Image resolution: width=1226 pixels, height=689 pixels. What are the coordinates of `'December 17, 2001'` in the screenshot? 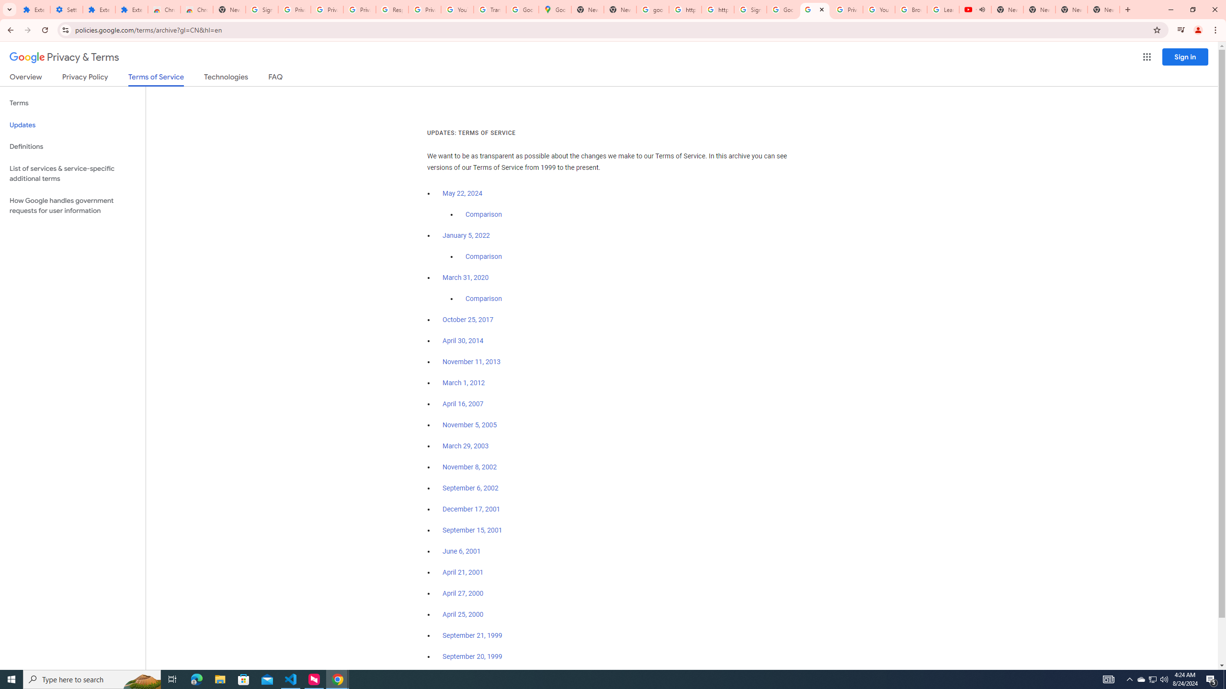 It's located at (471, 509).